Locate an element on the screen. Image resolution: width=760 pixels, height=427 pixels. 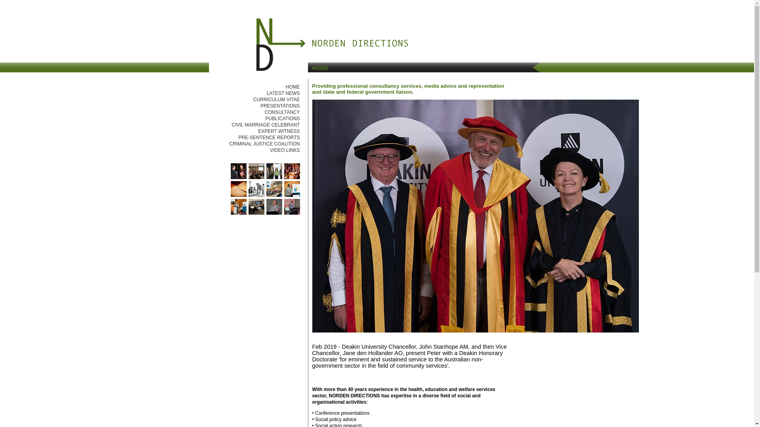
'PRESENTATIONS' is located at coordinates (280, 105).